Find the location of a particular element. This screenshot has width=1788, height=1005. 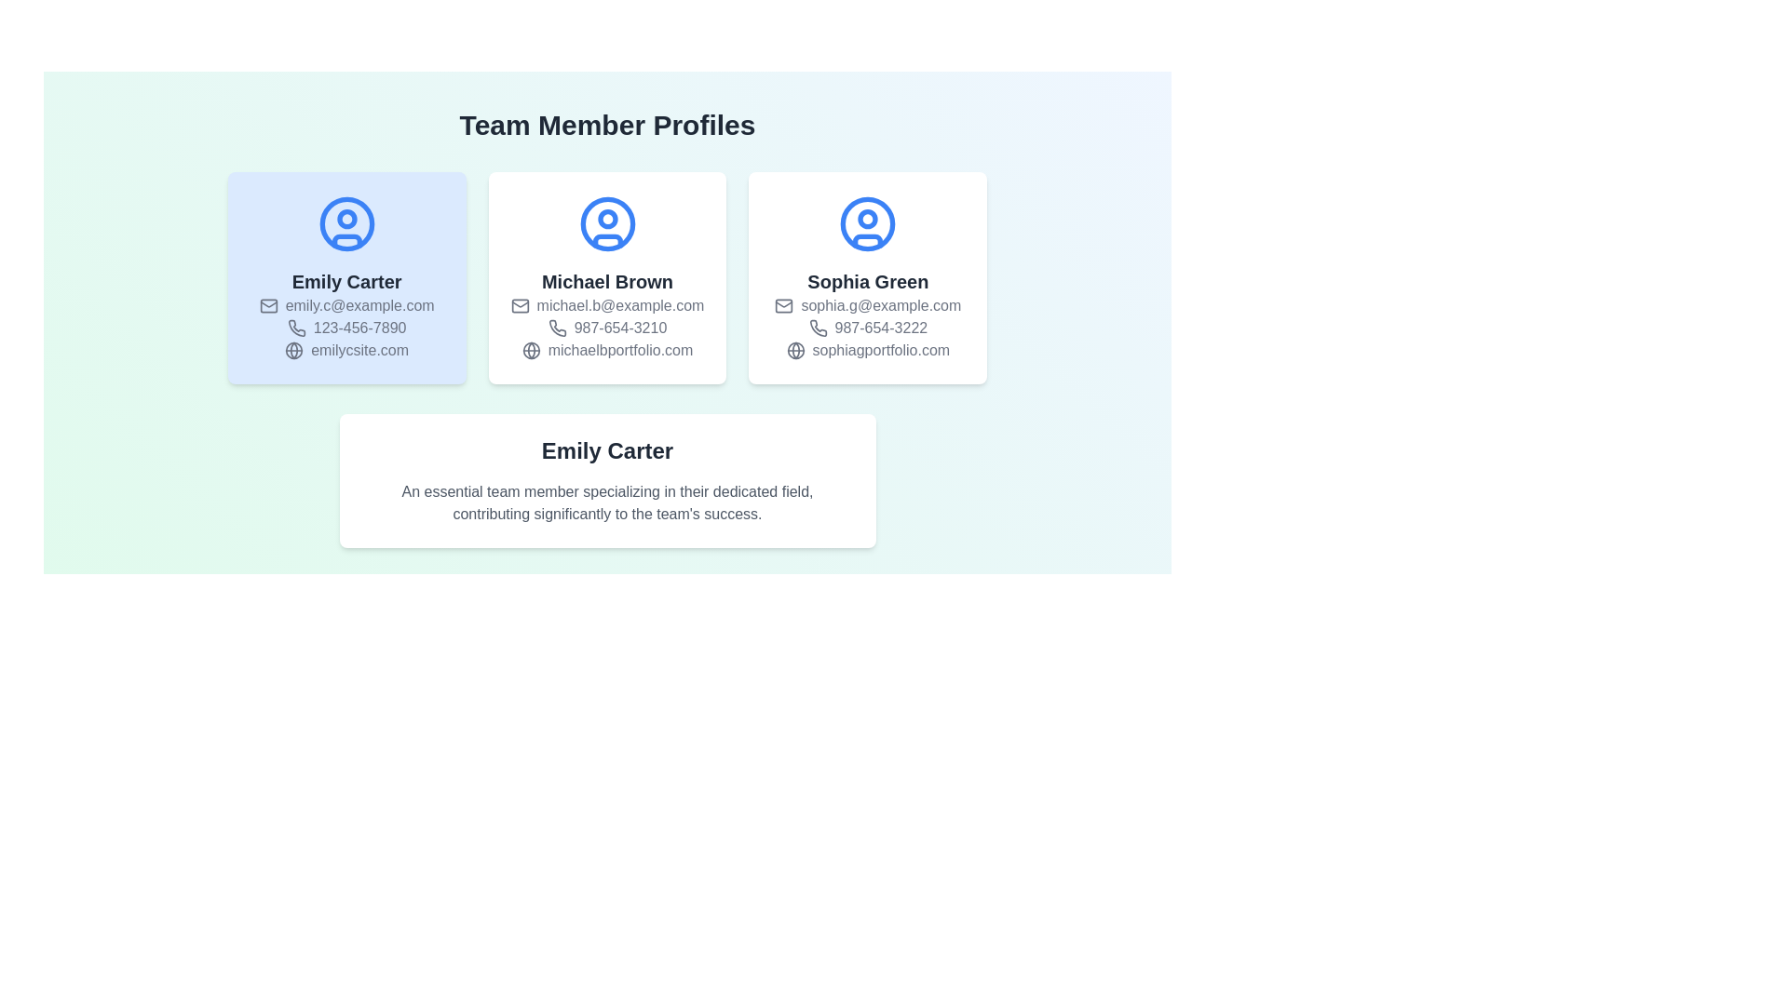

the small circle within the user profile icon for 'Sophia Green' located in the upper-middle portion of the profile card is located at coordinates (867, 218).